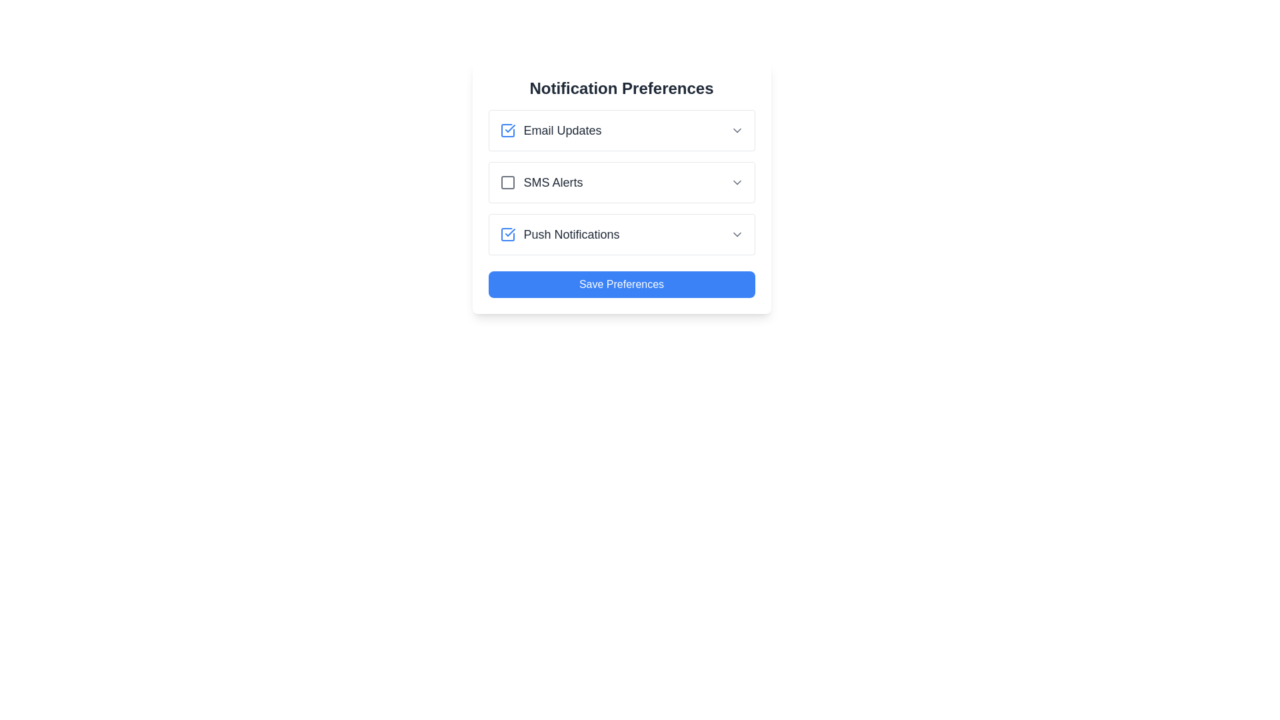  I want to click on the static text element that reads 'Notification Preferences', which is styled in bold and large font, located at the top of the Notification Preferences section, so click(621, 88).